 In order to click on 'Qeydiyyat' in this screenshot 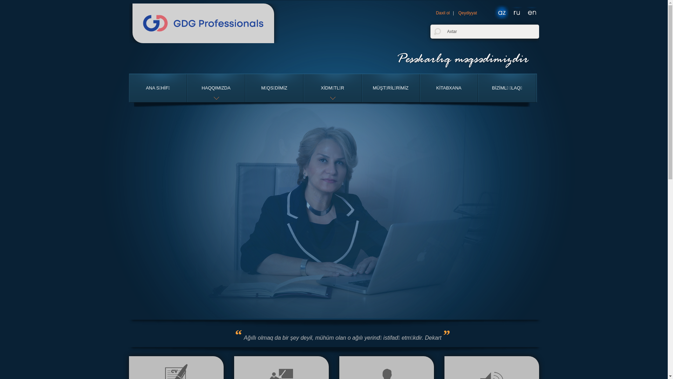, I will do `click(467, 13)`.